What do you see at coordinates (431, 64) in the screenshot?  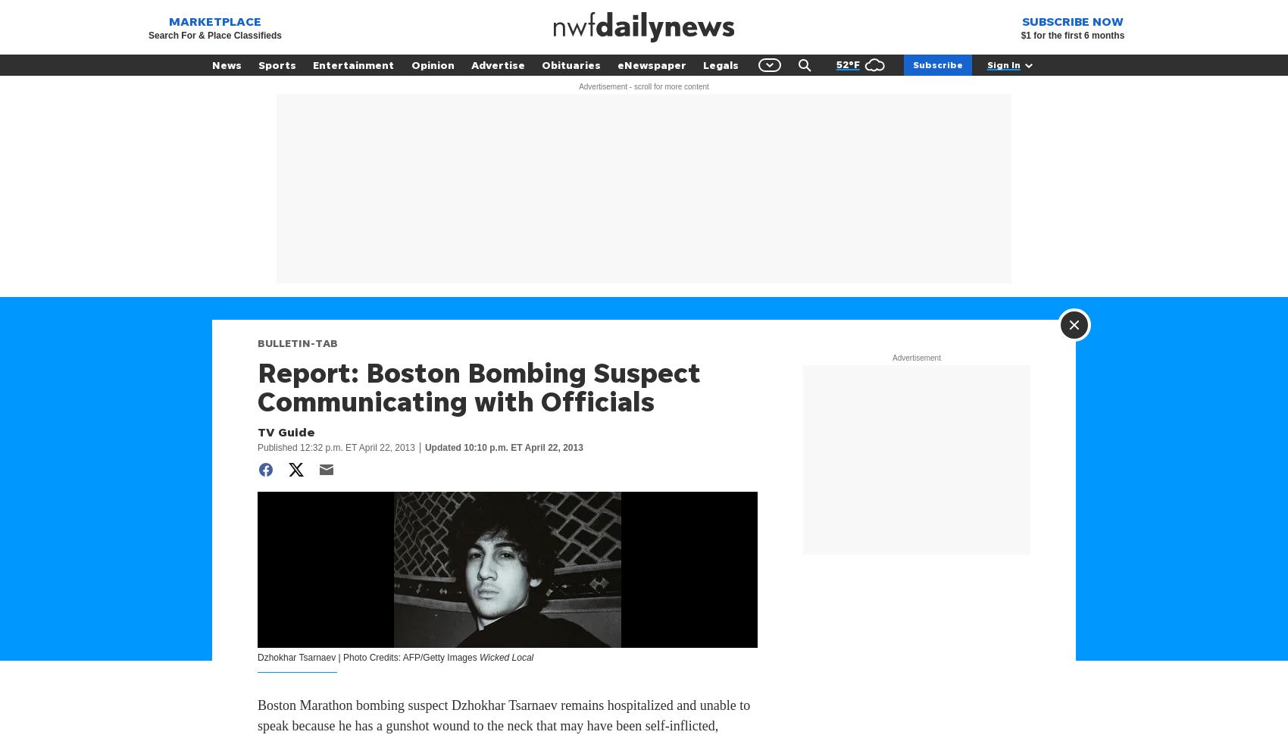 I see `'Opinion'` at bounding box center [431, 64].